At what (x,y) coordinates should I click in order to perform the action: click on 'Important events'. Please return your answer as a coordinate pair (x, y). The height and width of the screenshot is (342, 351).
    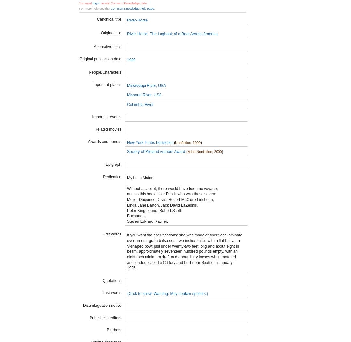
    Looking at the image, I should click on (106, 116).